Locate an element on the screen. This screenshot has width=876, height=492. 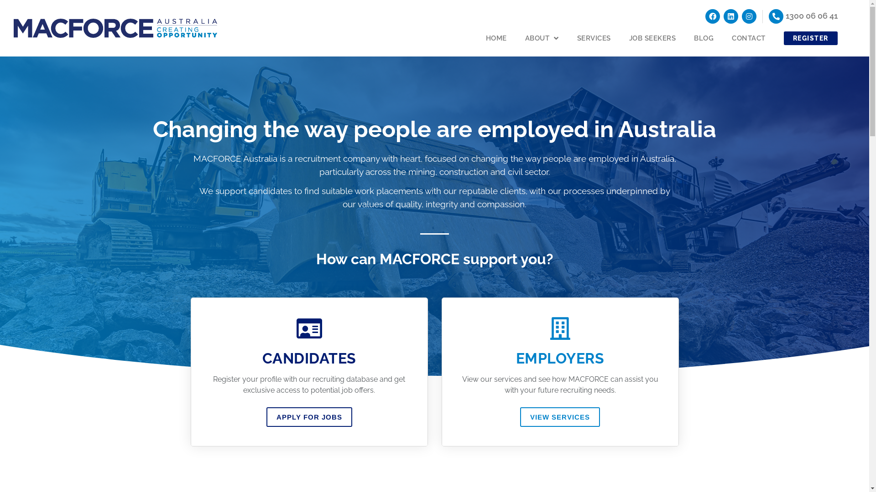
'SERVICES' is located at coordinates (594, 38).